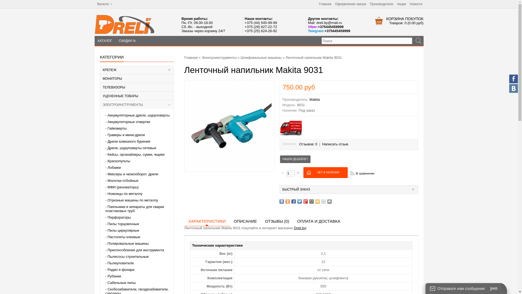 The width and height of the screenshot is (522, 294). Describe the element at coordinates (314, 99) in the screenshot. I see `'Makita'` at that location.